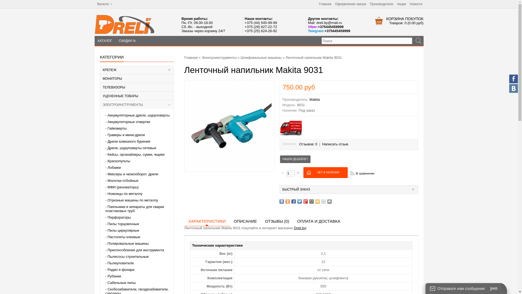 The width and height of the screenshot is (522, 294). Describe the element at coordinates (314, 99) in the screenshot. I see `'Makita'` at that location.